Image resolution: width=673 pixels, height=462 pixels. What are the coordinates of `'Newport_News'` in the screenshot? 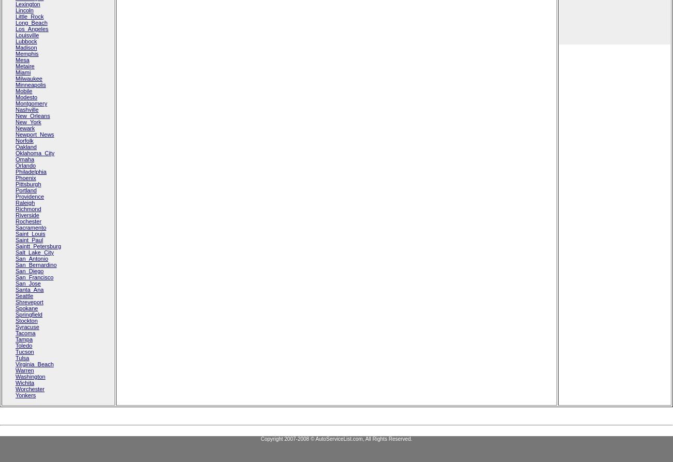 It's located at (34, 134).